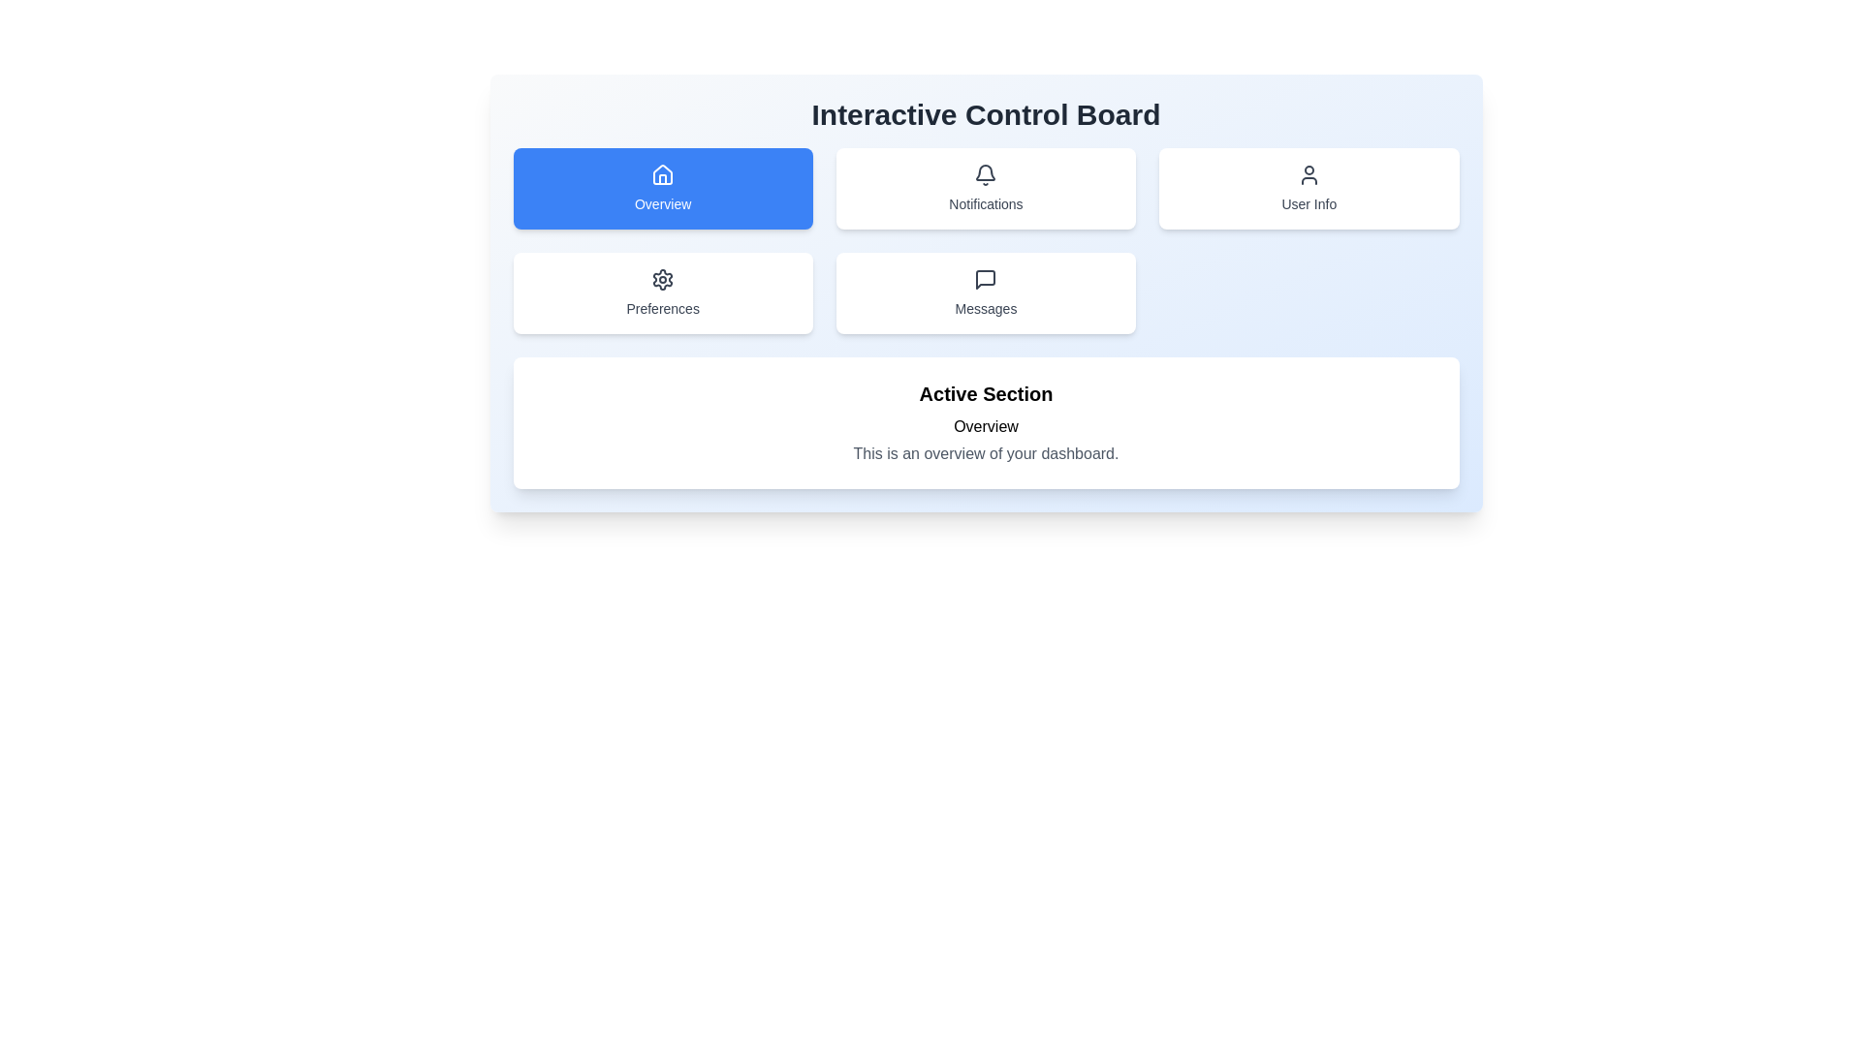 The image size is (1861, 1046). I want to click on the 'Overview' icon, which is centered within the blue rectangular button labeled 'Overview', so click(663, 175).